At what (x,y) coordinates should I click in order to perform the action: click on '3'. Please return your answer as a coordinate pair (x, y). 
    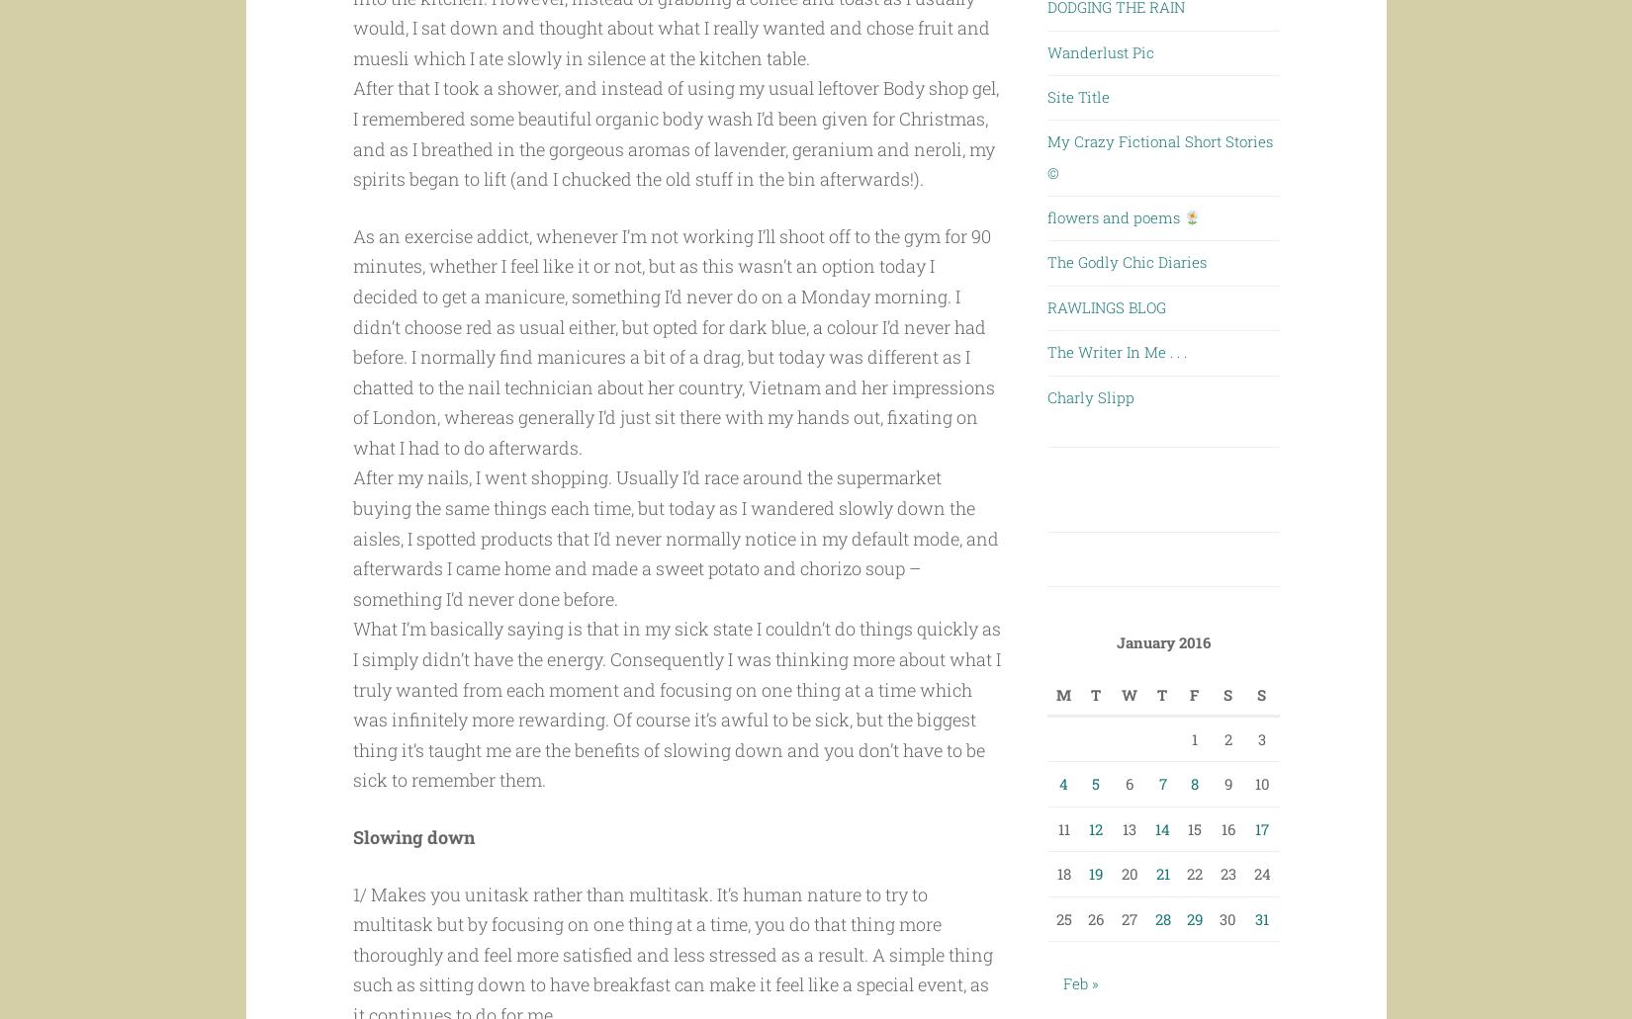
    Looking at the image, I should click on (1260, 737).